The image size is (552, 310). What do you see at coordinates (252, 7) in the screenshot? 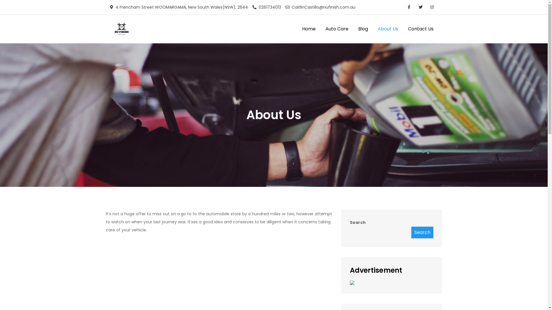
I see `'0261734013'` at bounding box center [252, 7].